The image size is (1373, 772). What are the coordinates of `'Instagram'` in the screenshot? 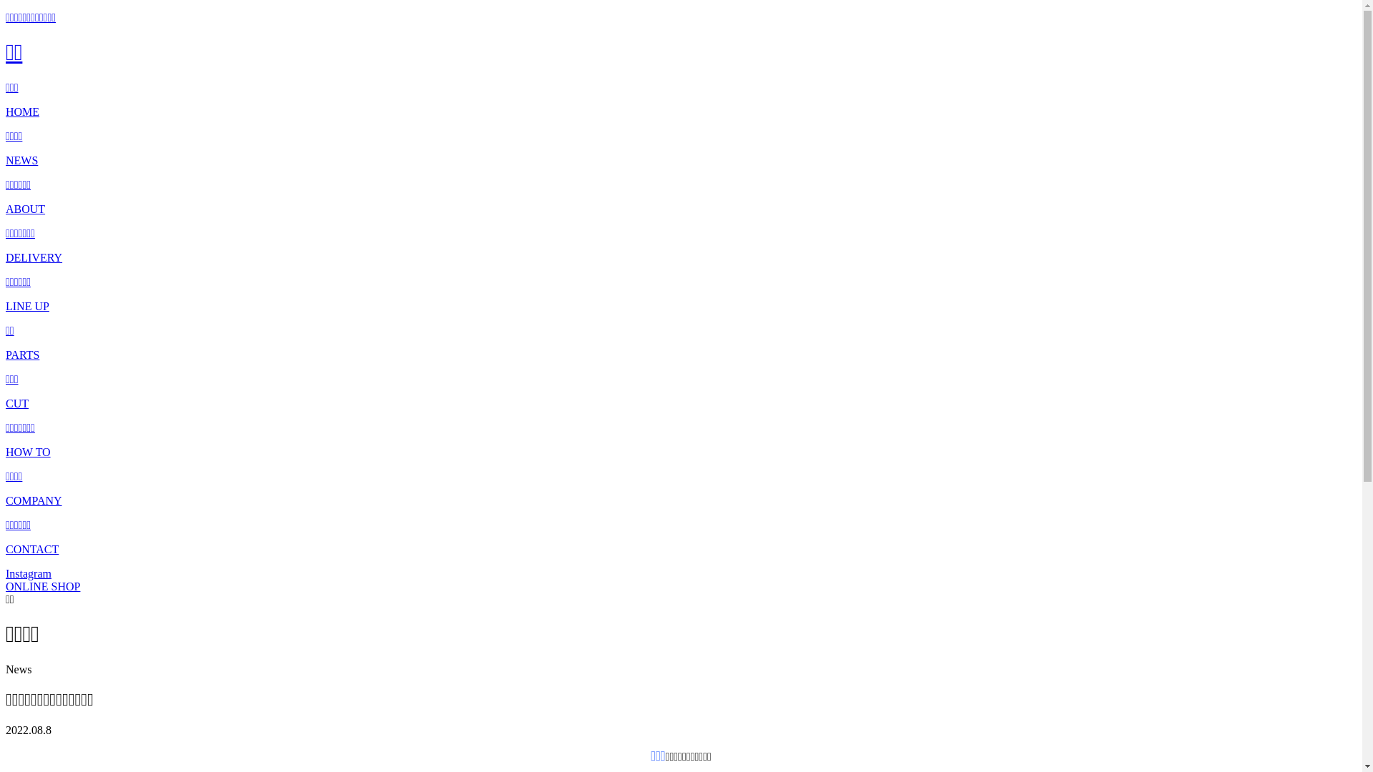 It's located at (6, 573).